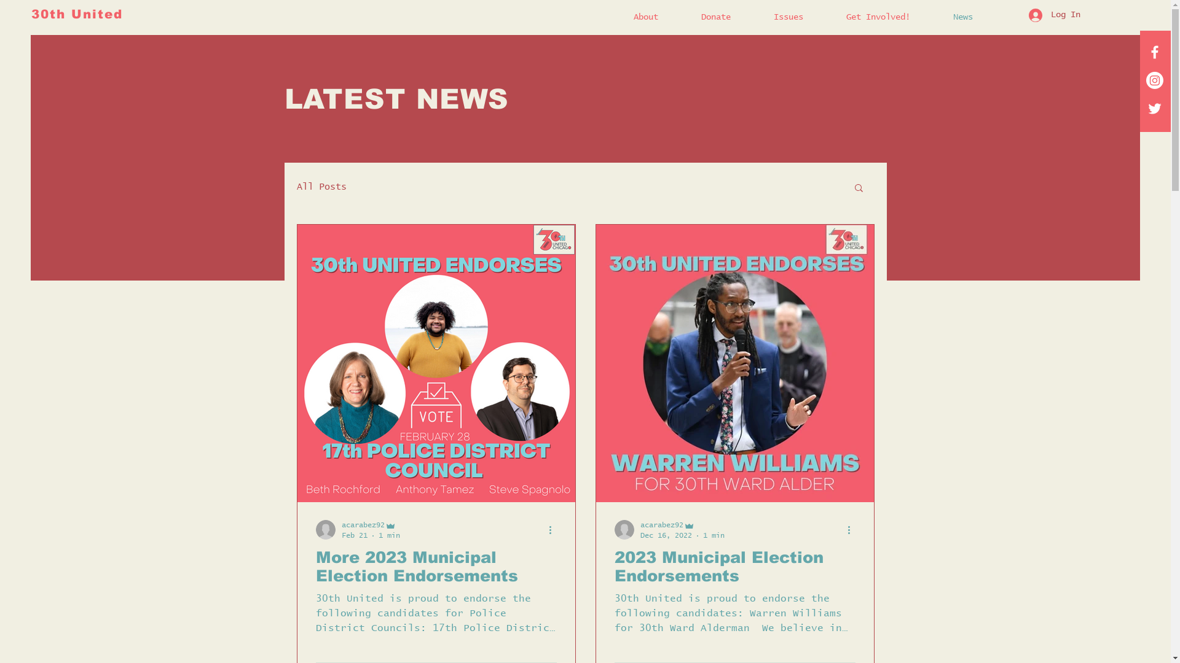  Describe the element at coordinates (370, 525) in the screenshot. I see `'acarabez92'` at that location.